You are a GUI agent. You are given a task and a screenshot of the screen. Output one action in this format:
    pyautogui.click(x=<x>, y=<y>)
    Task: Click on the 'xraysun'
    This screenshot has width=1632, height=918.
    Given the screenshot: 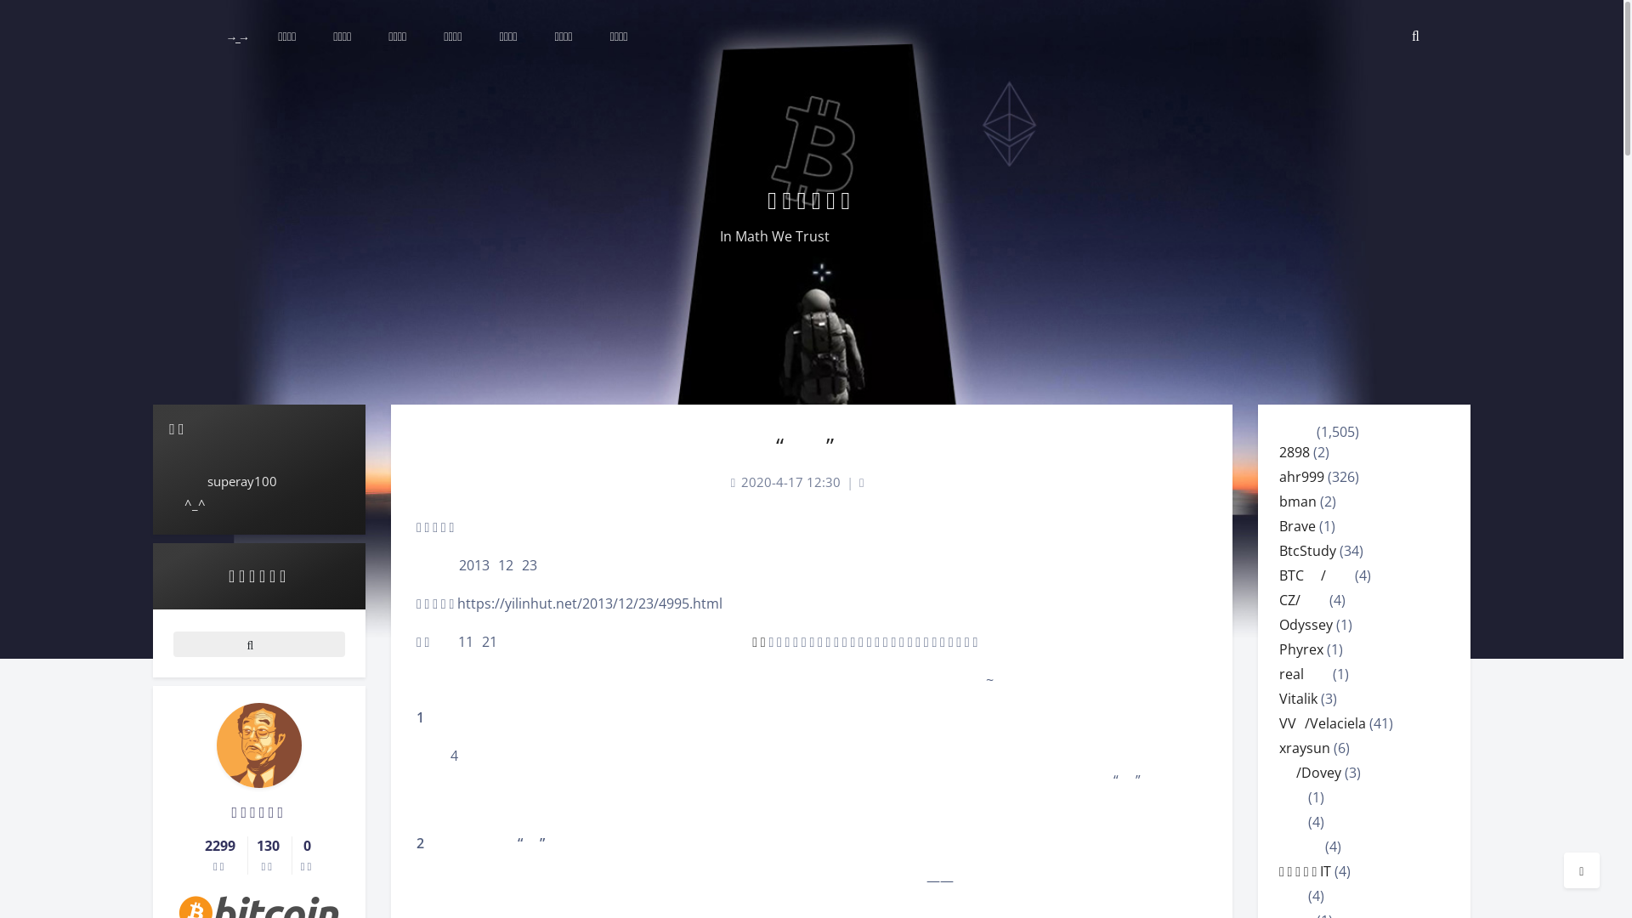 What is the action you would take?
    pyautogui.click(x=1304, y=746)
    